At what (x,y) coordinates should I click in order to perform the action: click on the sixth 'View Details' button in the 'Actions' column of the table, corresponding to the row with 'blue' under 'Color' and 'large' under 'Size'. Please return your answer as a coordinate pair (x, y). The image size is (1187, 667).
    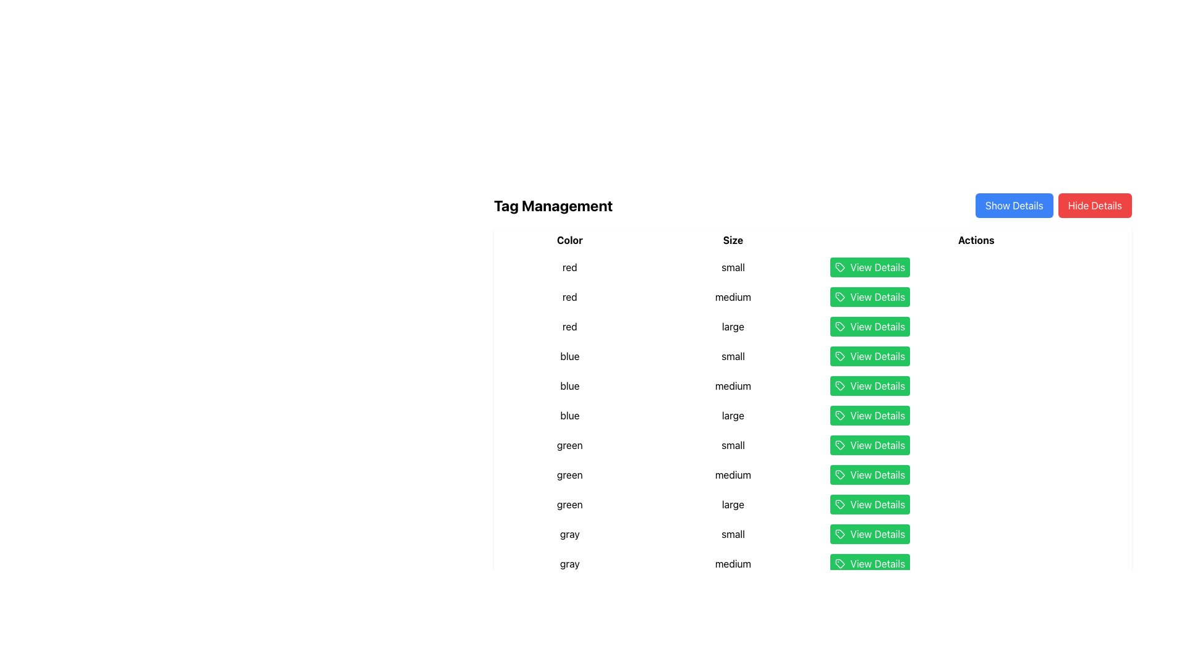
    Looking at the image, I should click on (976, 415).